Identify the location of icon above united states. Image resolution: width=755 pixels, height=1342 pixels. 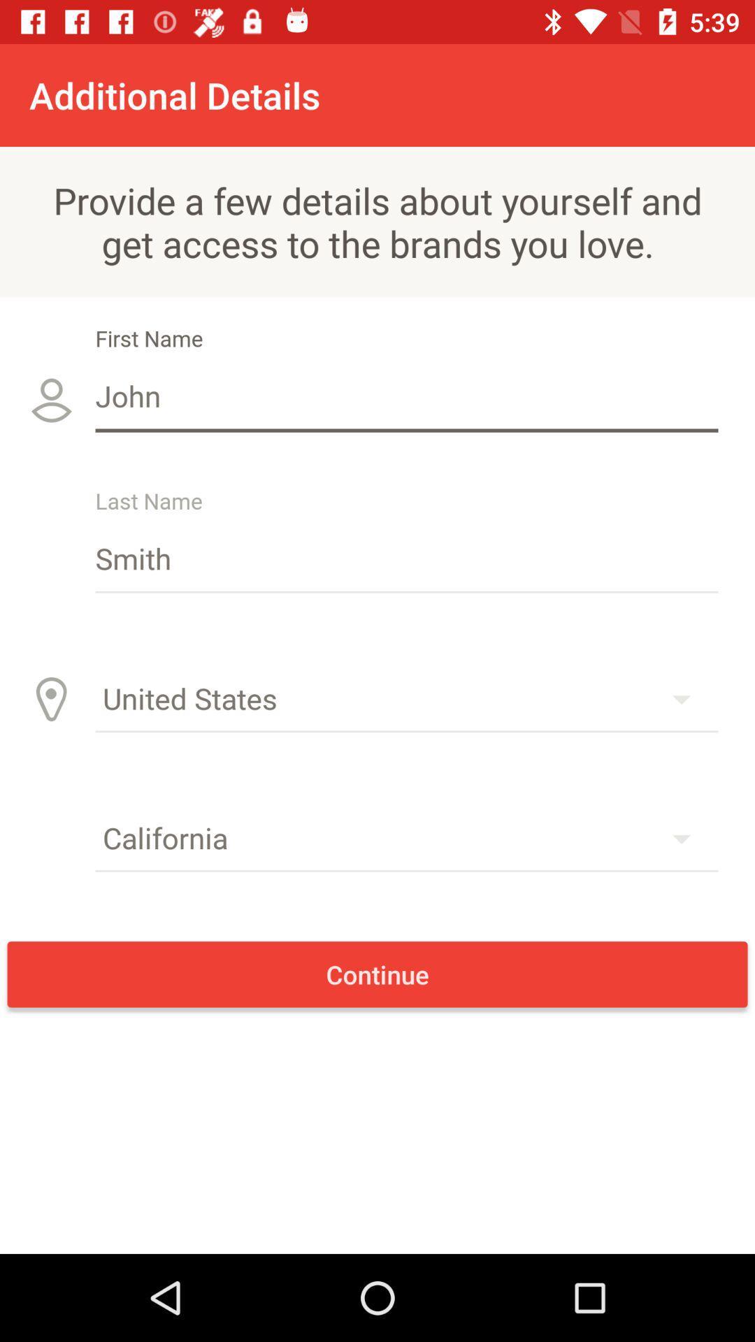
(407, 557).